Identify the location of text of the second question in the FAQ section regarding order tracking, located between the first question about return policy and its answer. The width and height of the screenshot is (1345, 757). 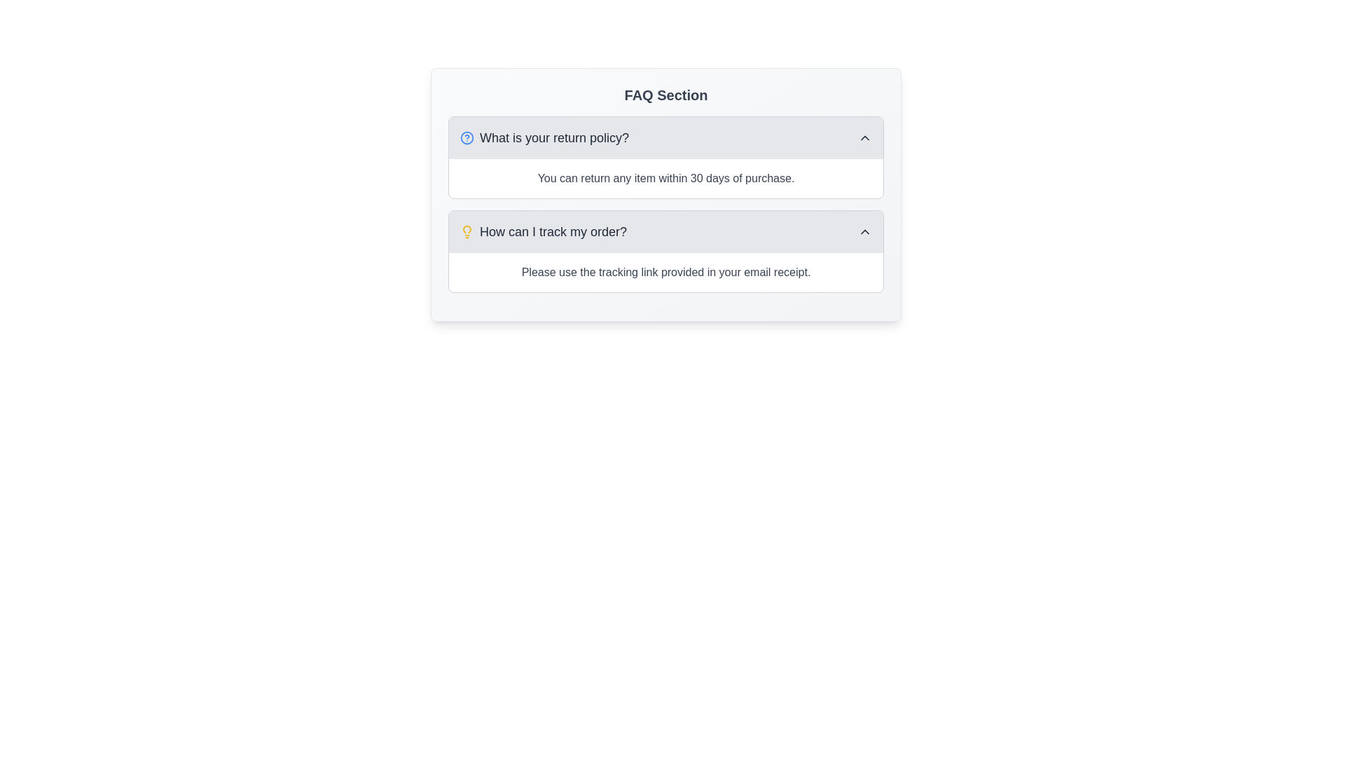
(553, 231).